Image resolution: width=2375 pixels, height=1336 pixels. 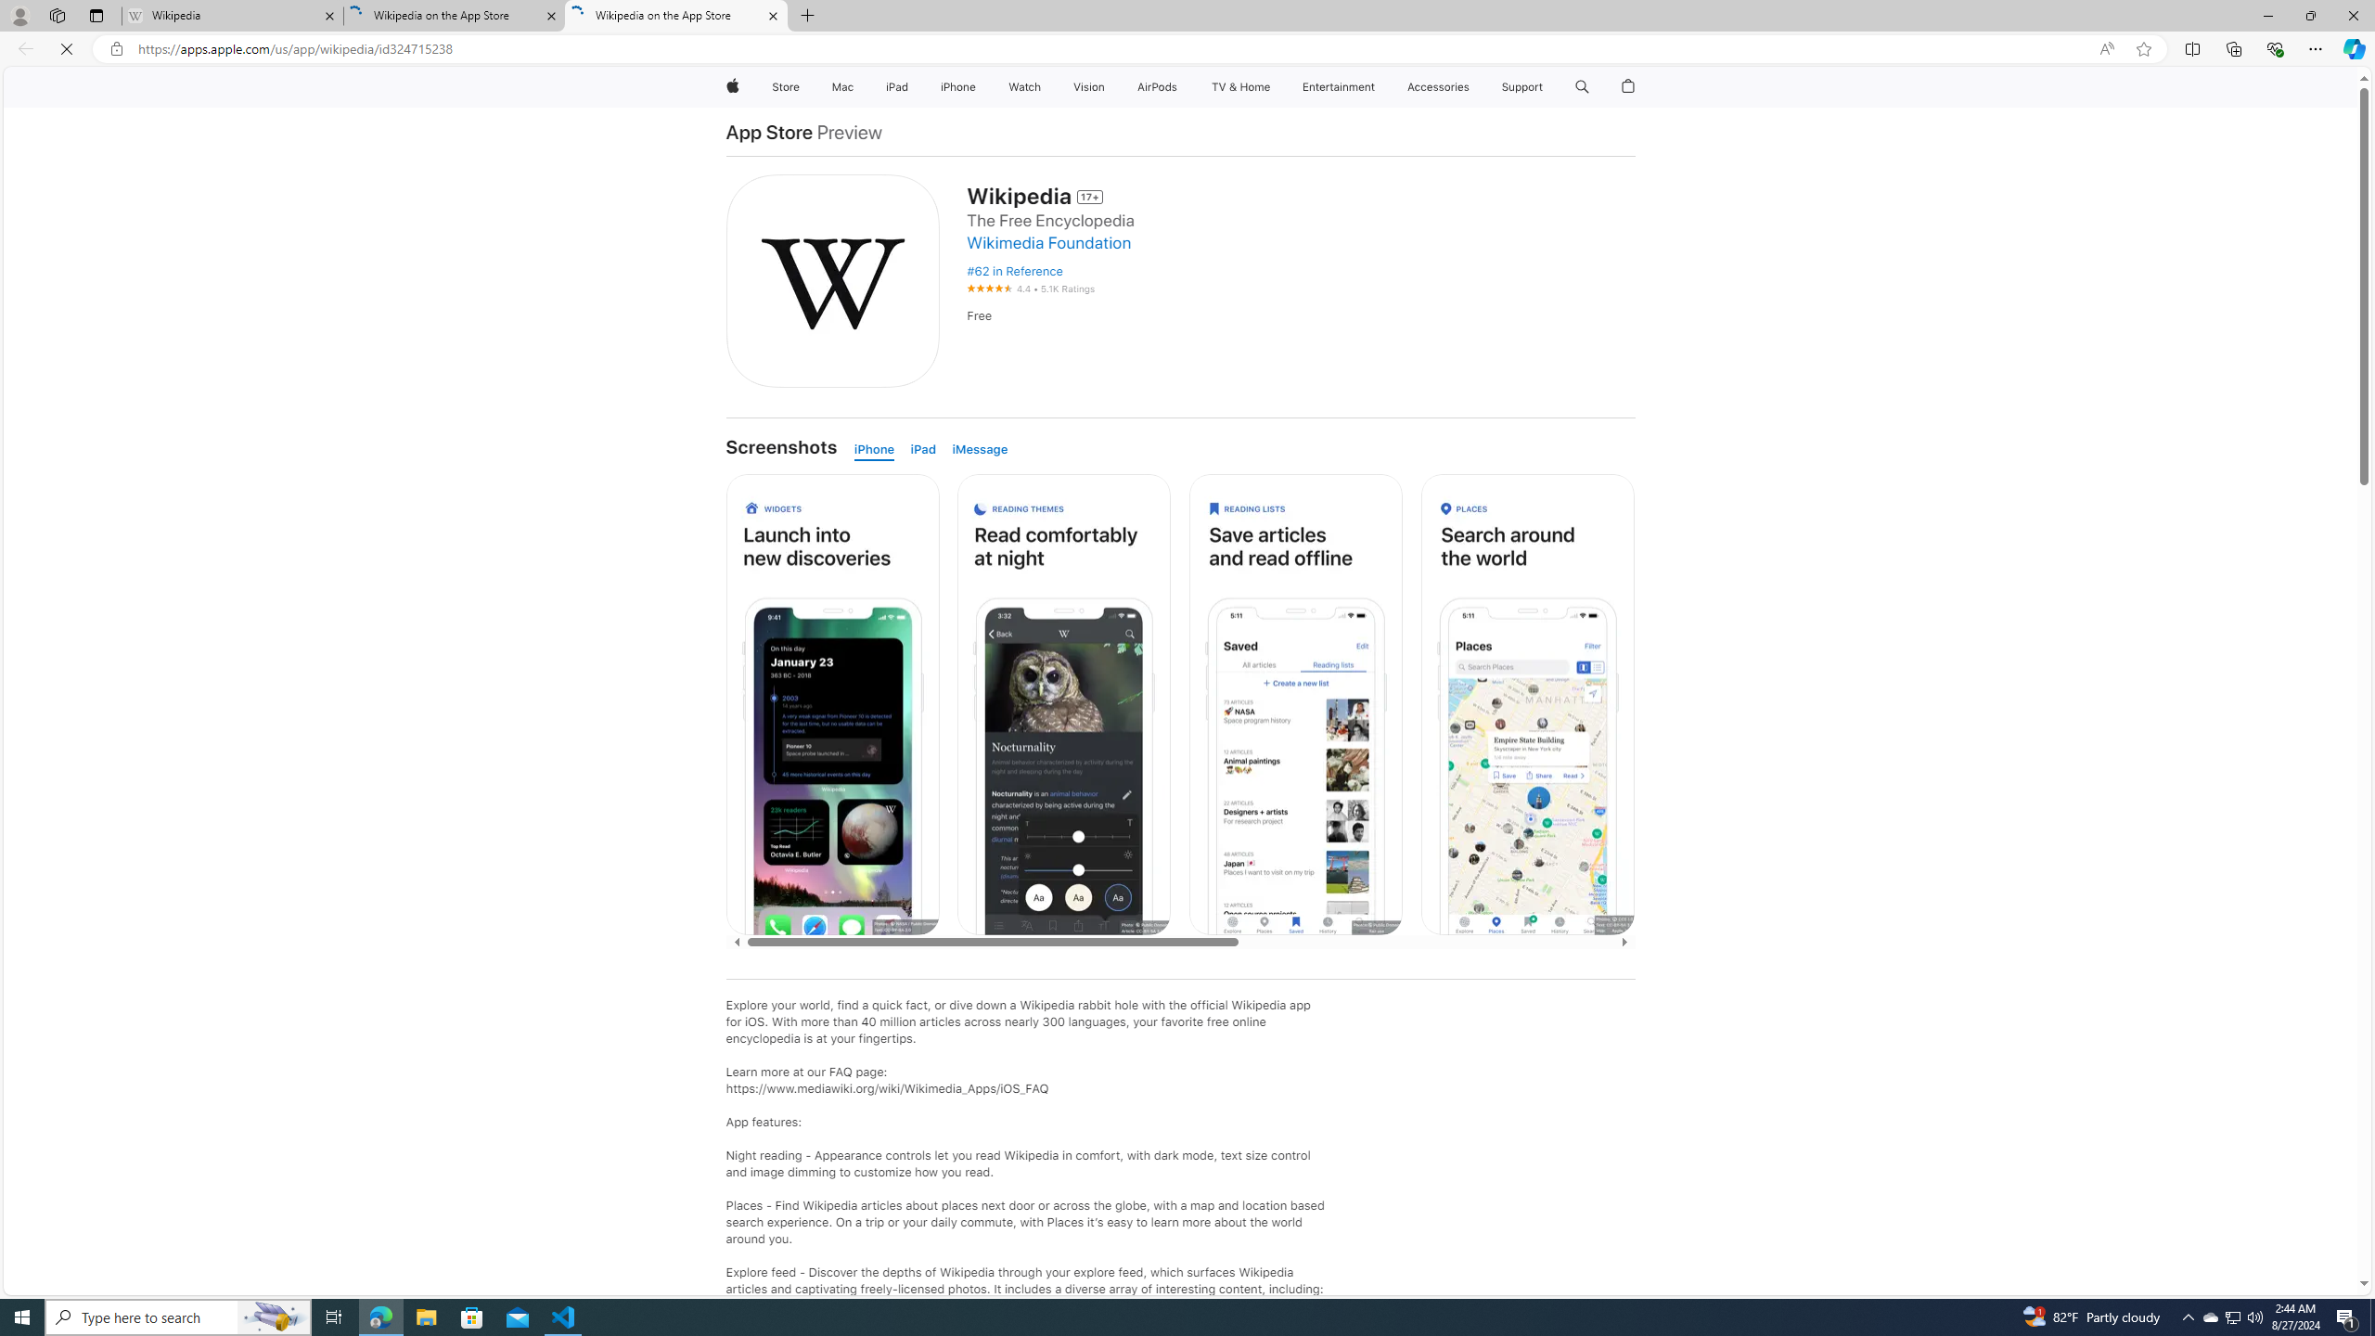 What do you see at coordinates (772, 131) in the screenshot?
I see `'App Store'` at bounding box center [772, 131].